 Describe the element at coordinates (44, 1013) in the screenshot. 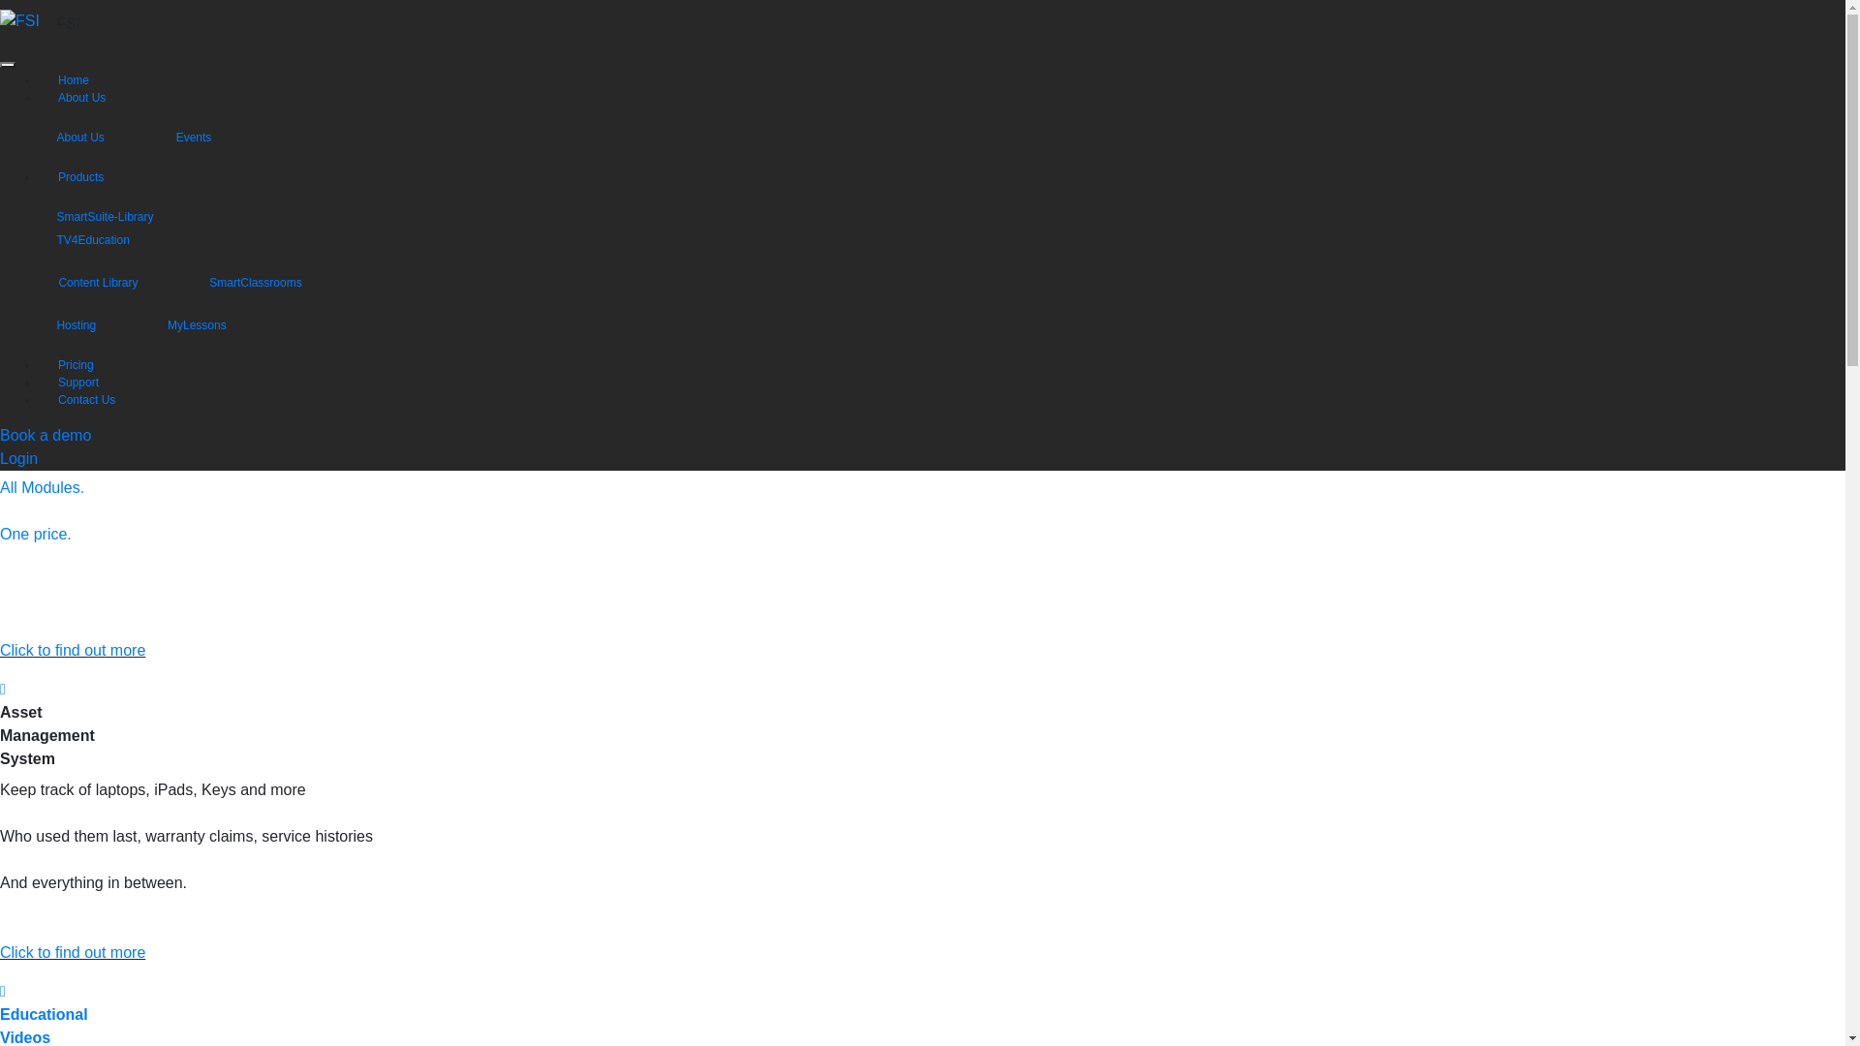

I see `'Educational'` at that location.